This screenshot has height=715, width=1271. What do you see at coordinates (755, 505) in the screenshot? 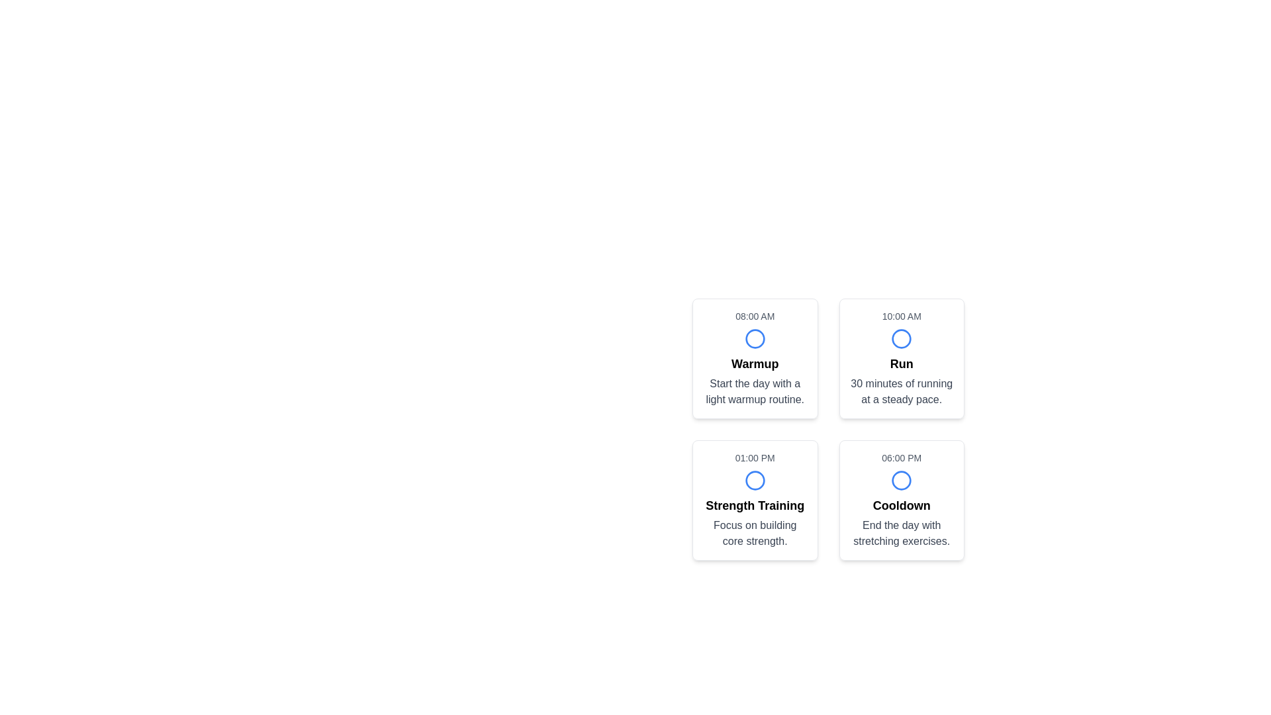
I see `the static text element displaying 'Strength Training', which is prominently styled in bold and large font, located below '01:00 PM' and above the description text` at bounding box center [755, 505].